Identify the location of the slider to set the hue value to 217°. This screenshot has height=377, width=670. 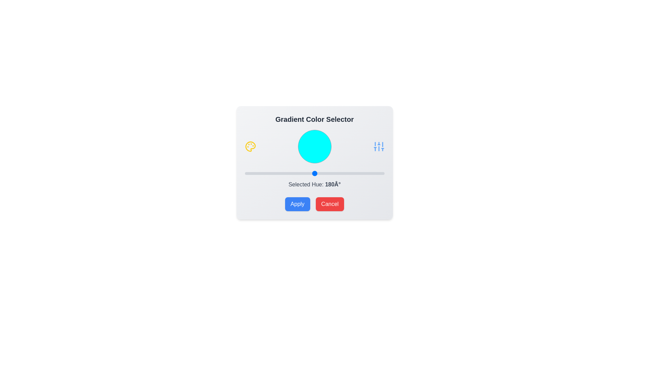
(328, 173).